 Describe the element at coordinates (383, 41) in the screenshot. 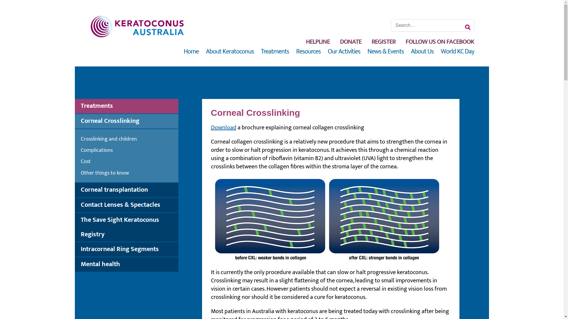

I see `'REGISTER'` at that location.